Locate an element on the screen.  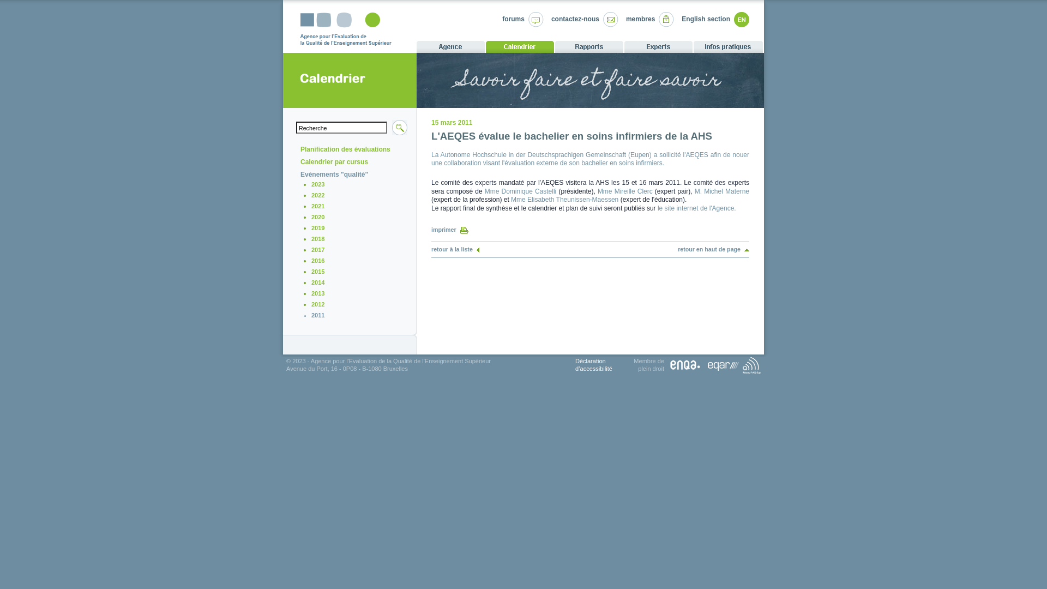
'2023' is located at coordinates (311, 184).